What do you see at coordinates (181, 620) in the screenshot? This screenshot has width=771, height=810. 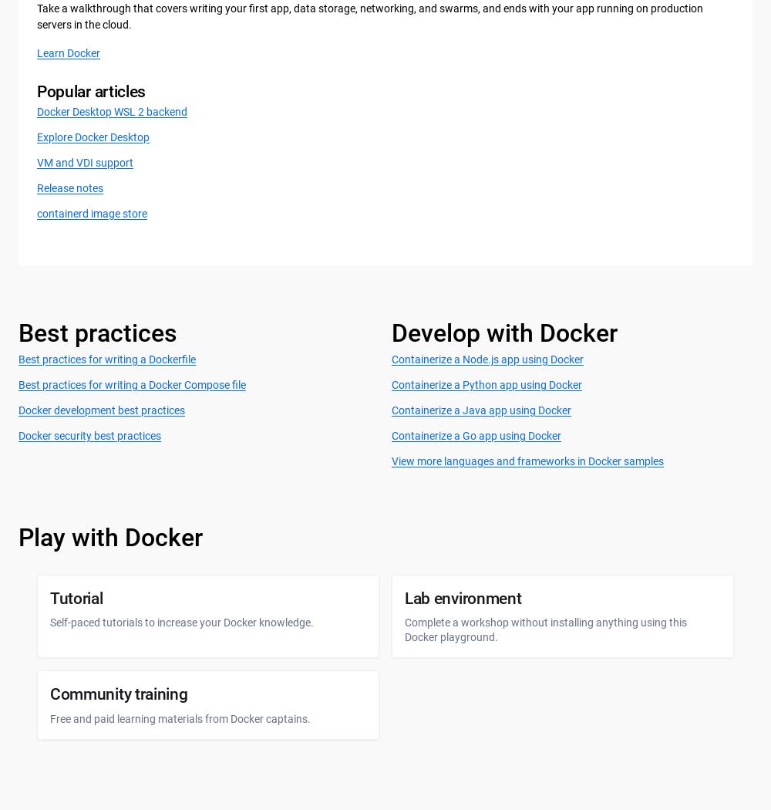 I see `'Self-paced tutorials to increase your Docker knowledge.'` at bounding box center [181, 620].